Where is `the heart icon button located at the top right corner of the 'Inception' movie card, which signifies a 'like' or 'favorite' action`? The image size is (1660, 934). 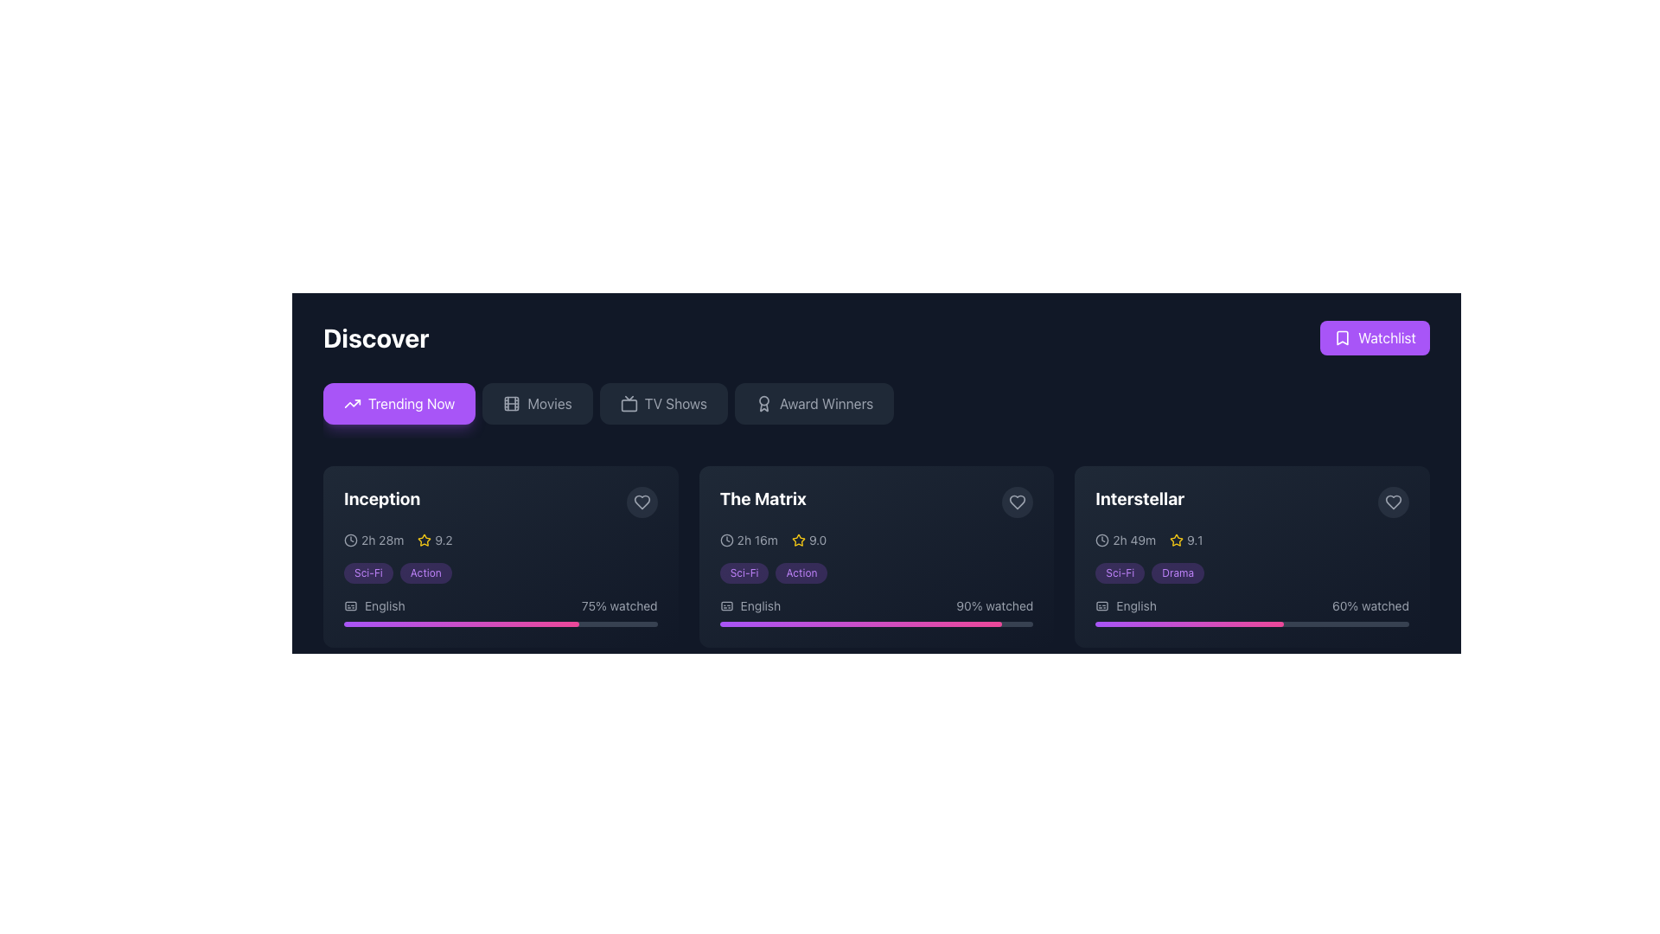 the heart icon button located at the top right corner of the 'Inception' movie card, which signifies a 'like' or 'favorite' action is located at coordinates (641, 502).